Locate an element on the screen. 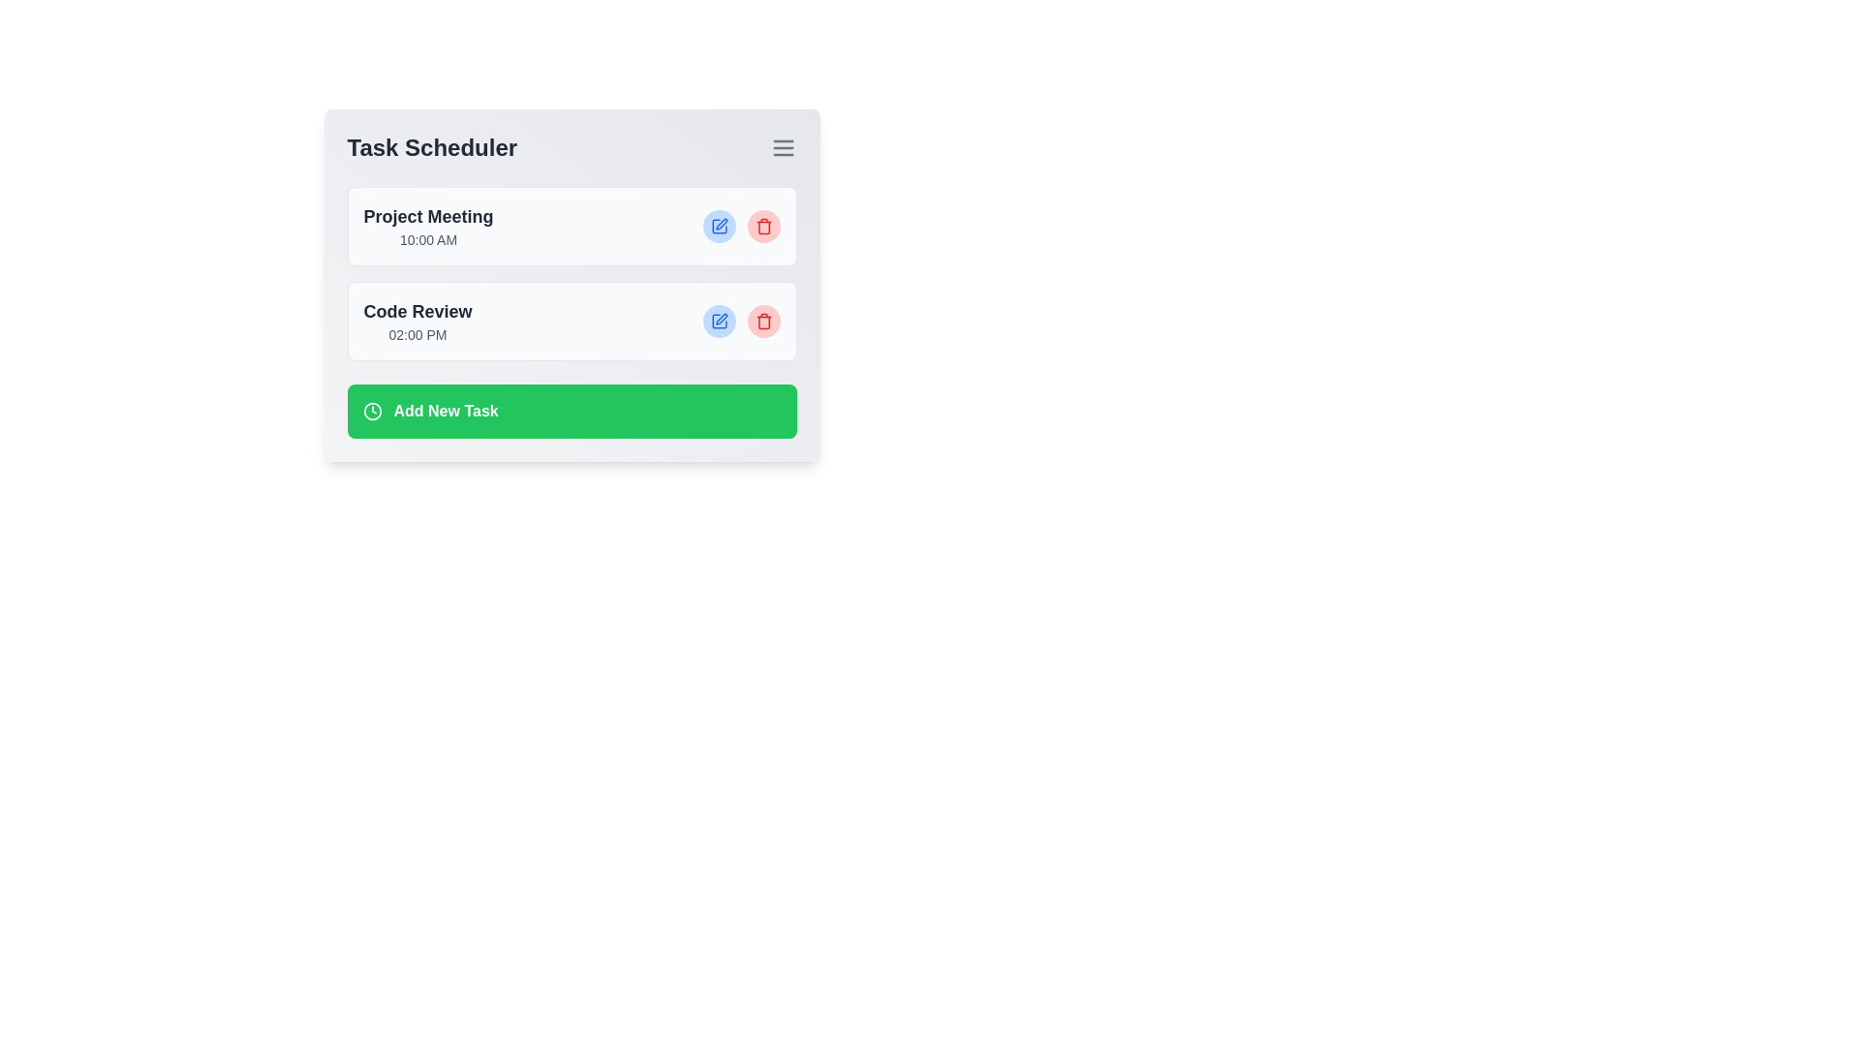 The image size is (1860, 1046). the red trash bin icon is located at coordinates (762, 320).